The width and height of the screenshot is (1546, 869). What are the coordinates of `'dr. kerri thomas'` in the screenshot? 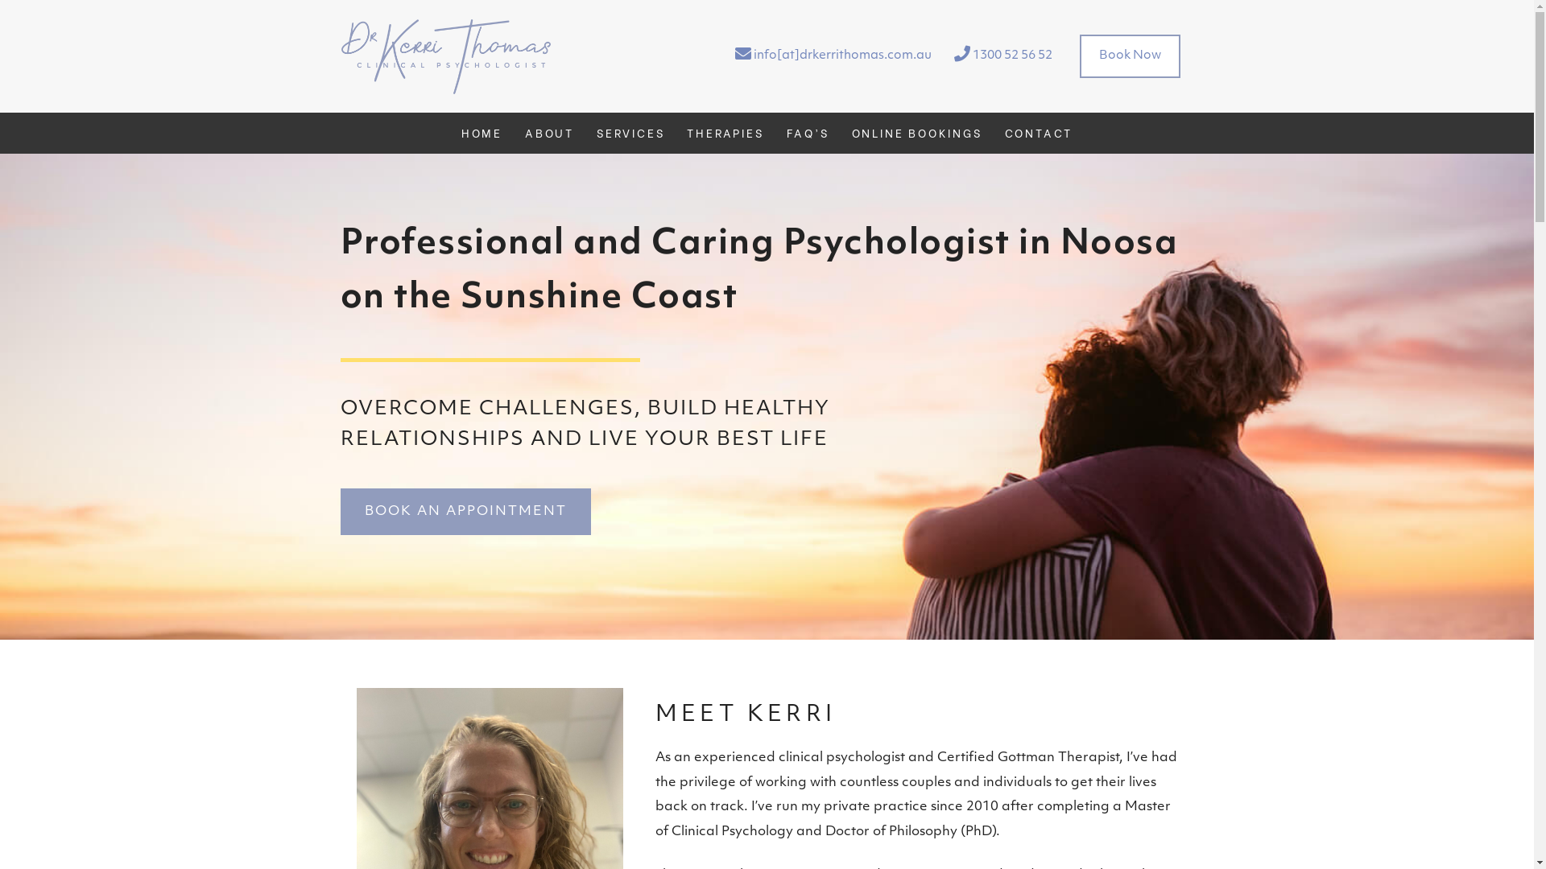 It's located at (340, 55).